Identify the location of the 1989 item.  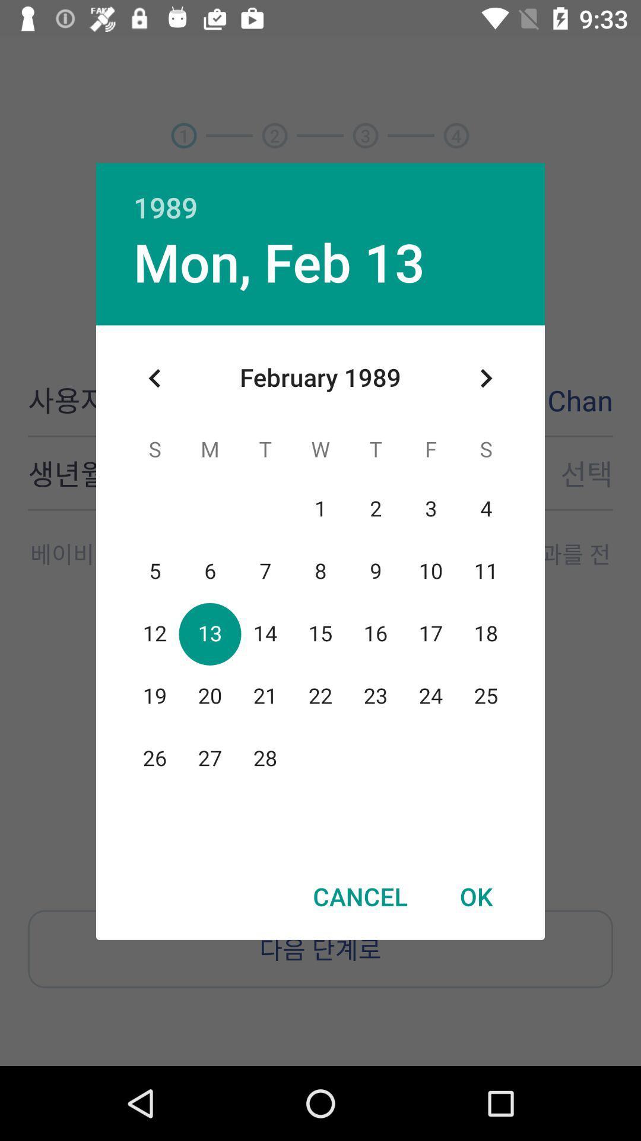
(320, 194).